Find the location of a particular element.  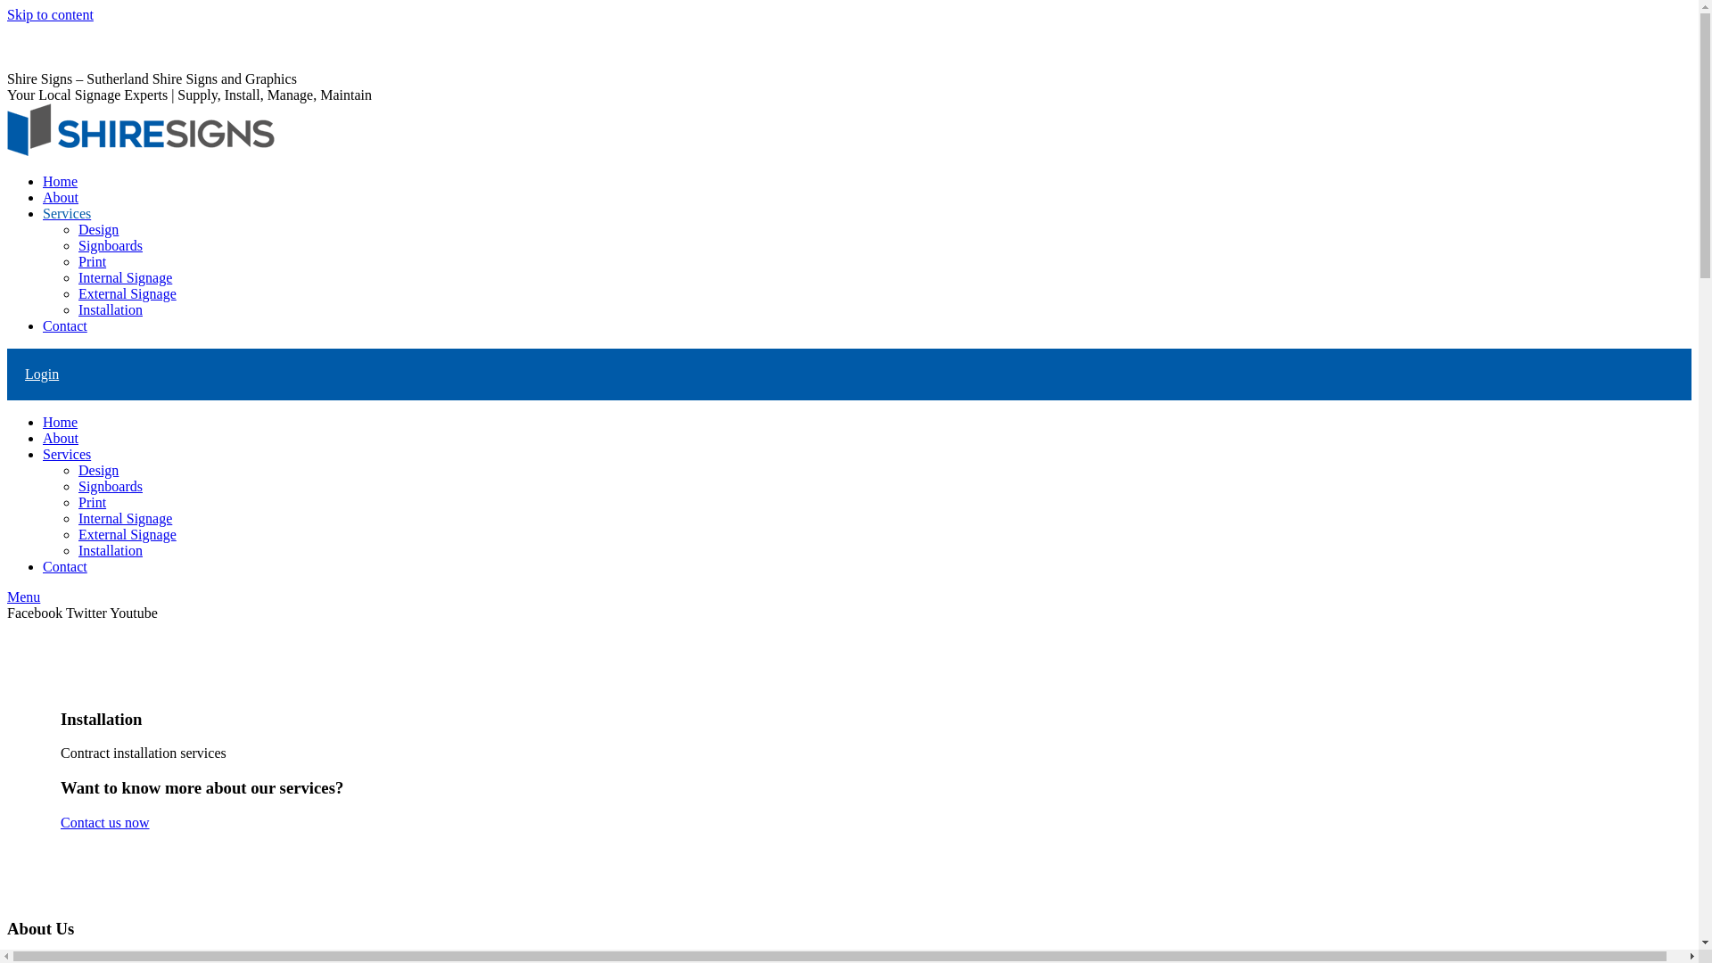

'Skip to content' is located at coordinates (50, 14).